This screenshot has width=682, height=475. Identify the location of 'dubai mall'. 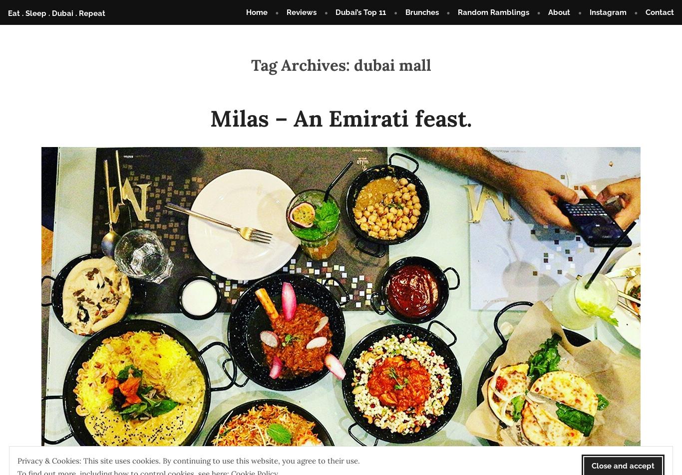
(353, 65).